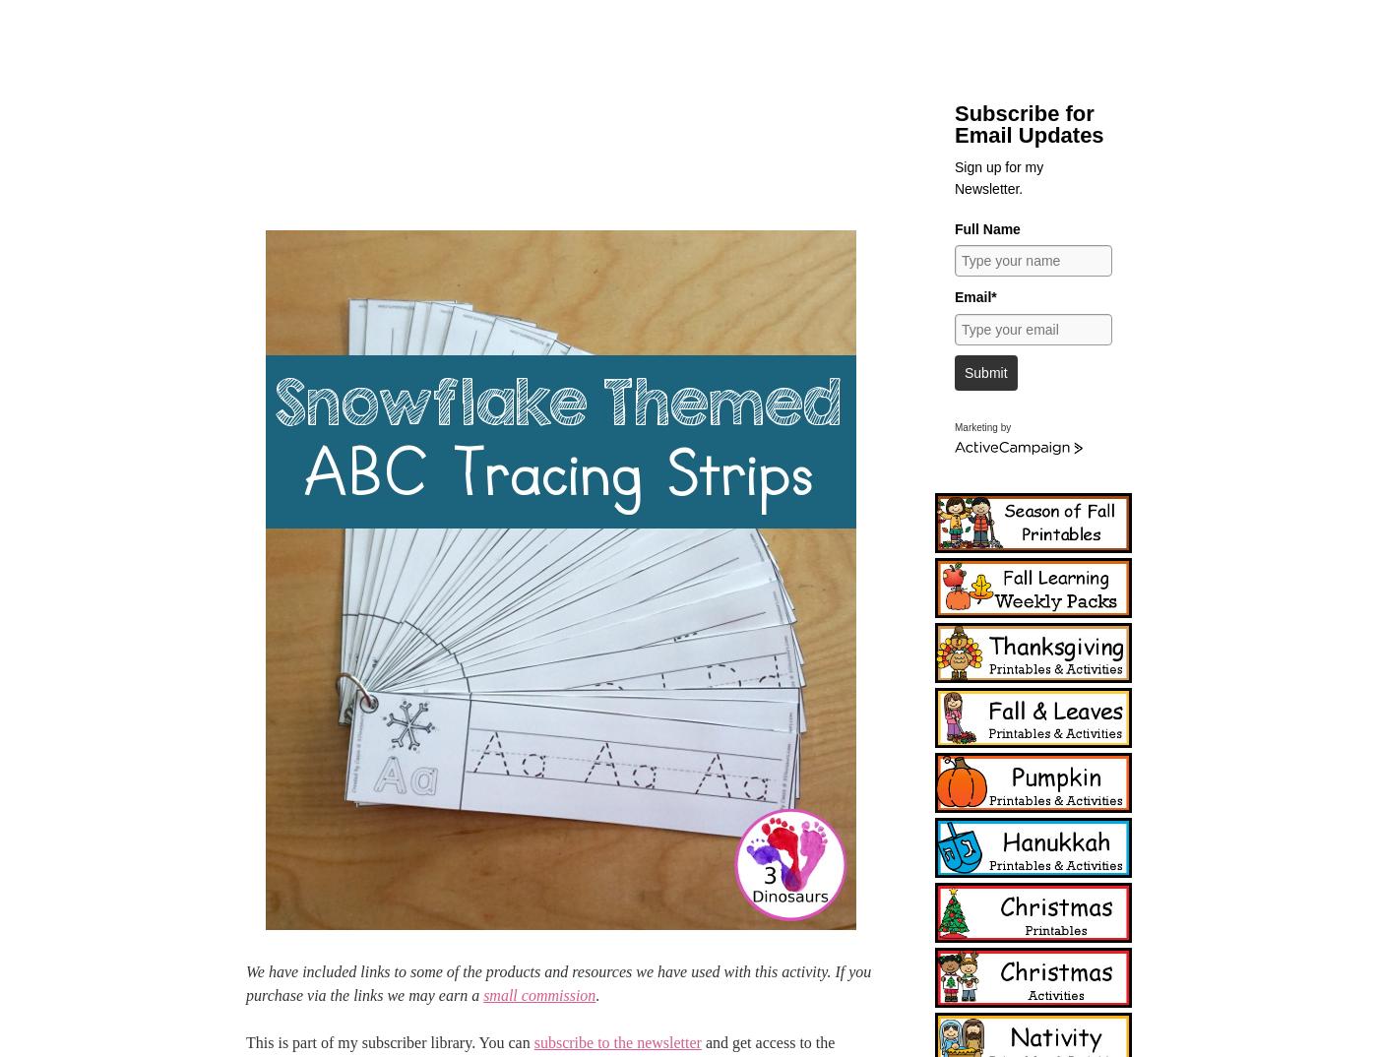  Describe the element at coordinates (558, 982) in the screenshot. I see `'We have included links to some of the products and resources we have used with this activity. If you purchase via the links we may earn a'` at that location.